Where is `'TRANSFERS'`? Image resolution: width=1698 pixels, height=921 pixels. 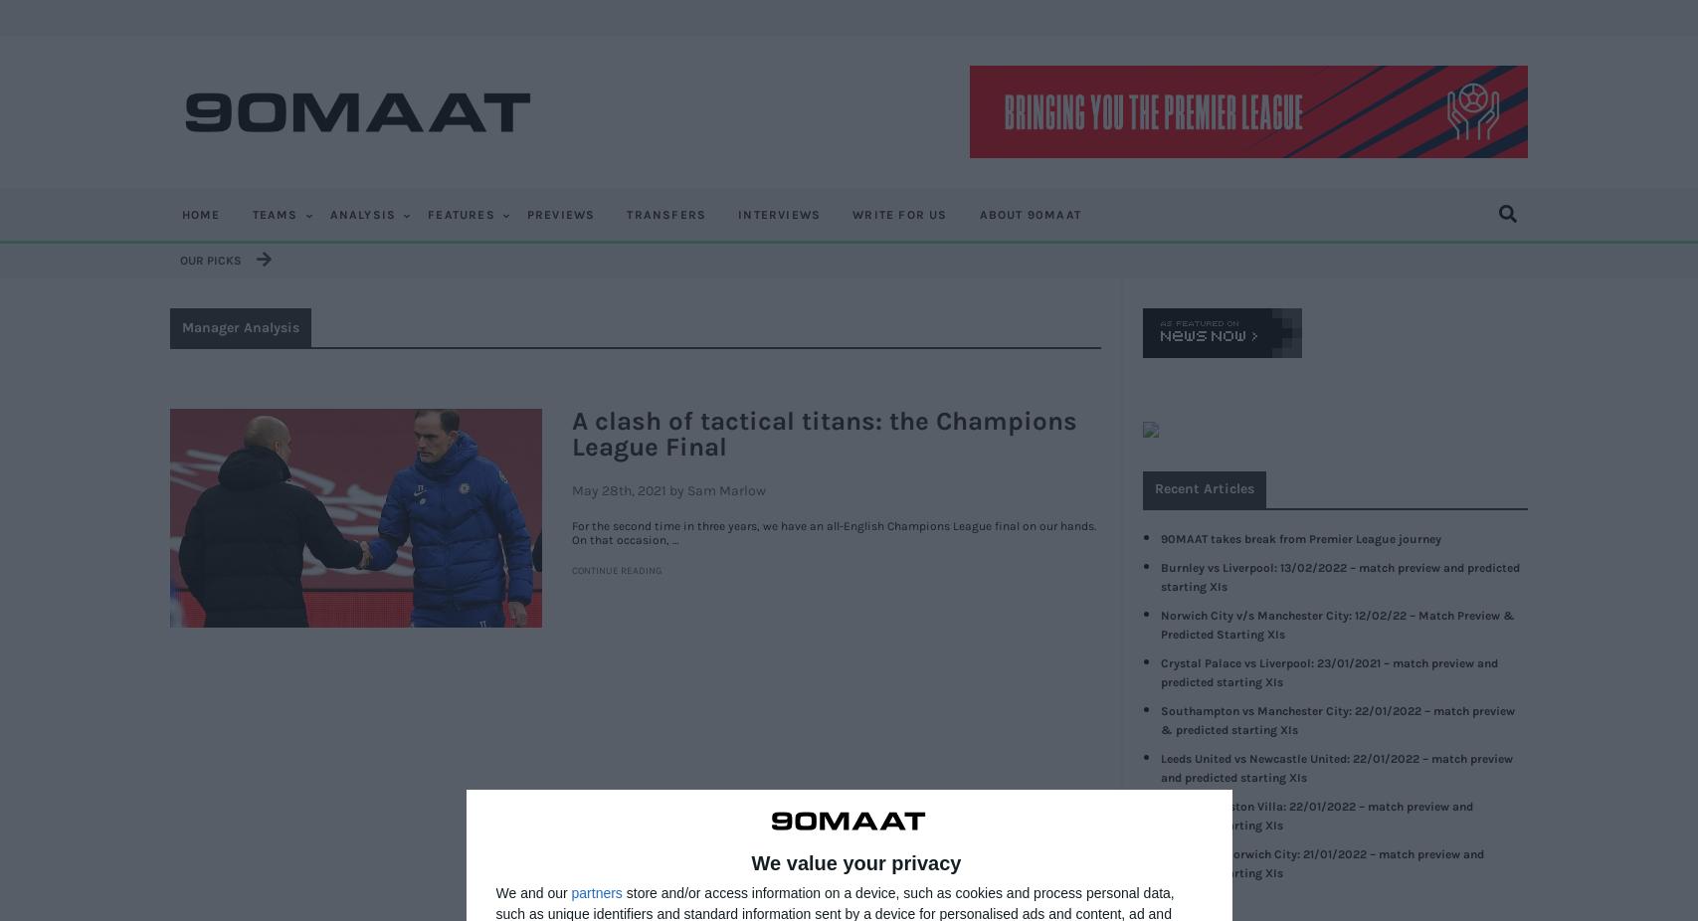 'TRANSFERS' is located at coordinates (665, 214).